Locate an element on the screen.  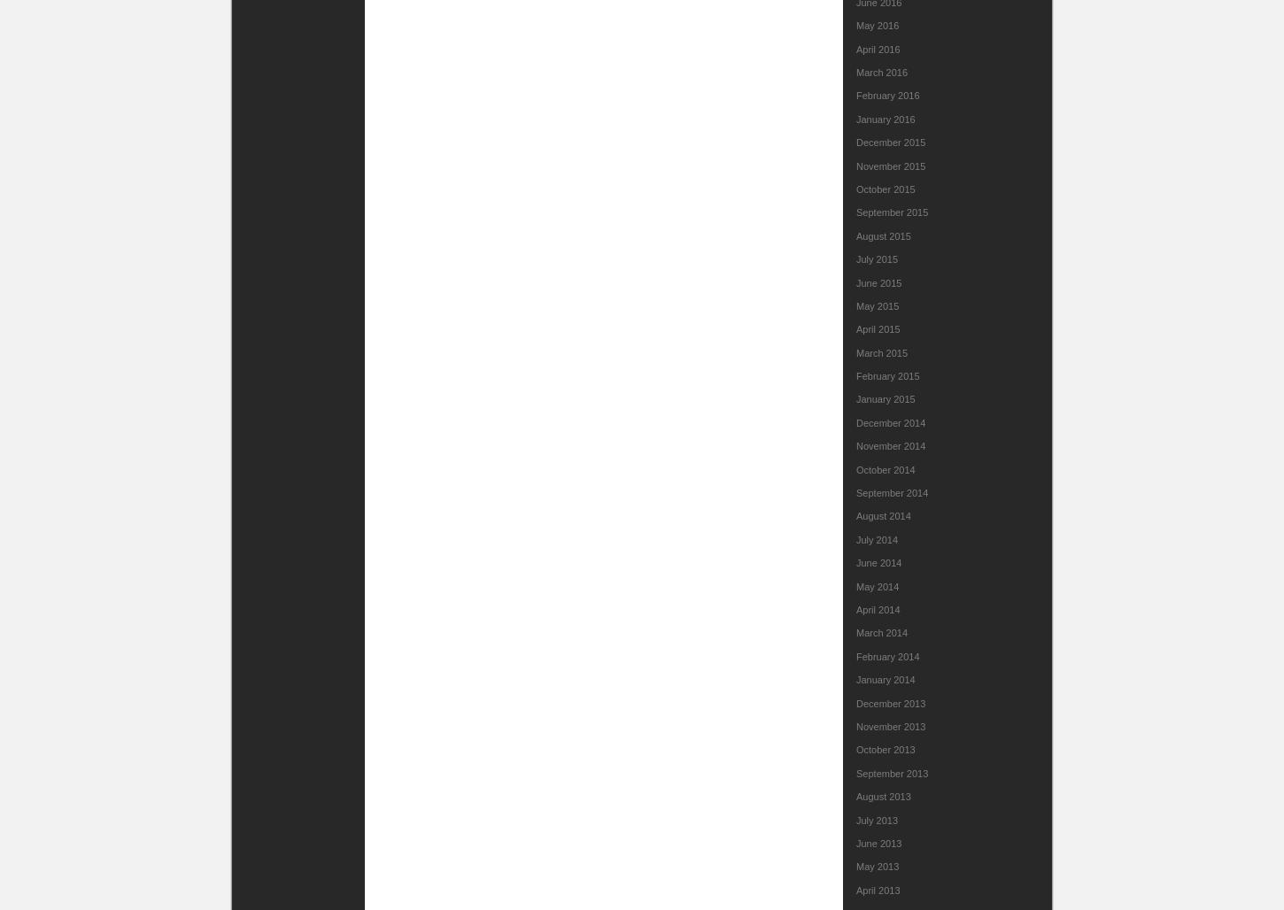
'December 2014' is located at coordinates (891, 420).